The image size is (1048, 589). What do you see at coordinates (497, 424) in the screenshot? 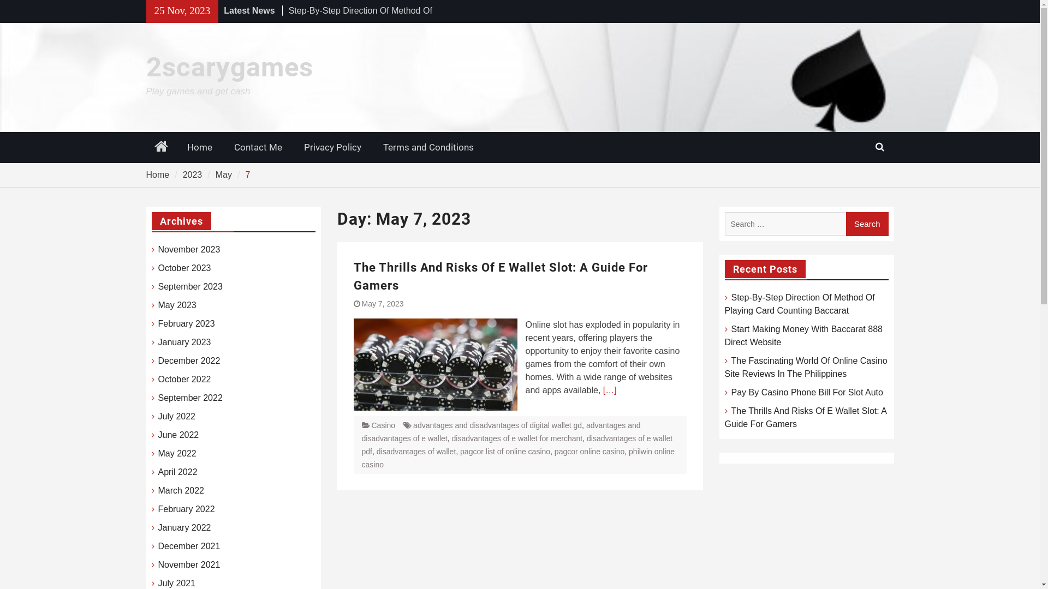
I see `'advantages and disadvantages of digital wallet gd'` at bounding box center [497, 424].